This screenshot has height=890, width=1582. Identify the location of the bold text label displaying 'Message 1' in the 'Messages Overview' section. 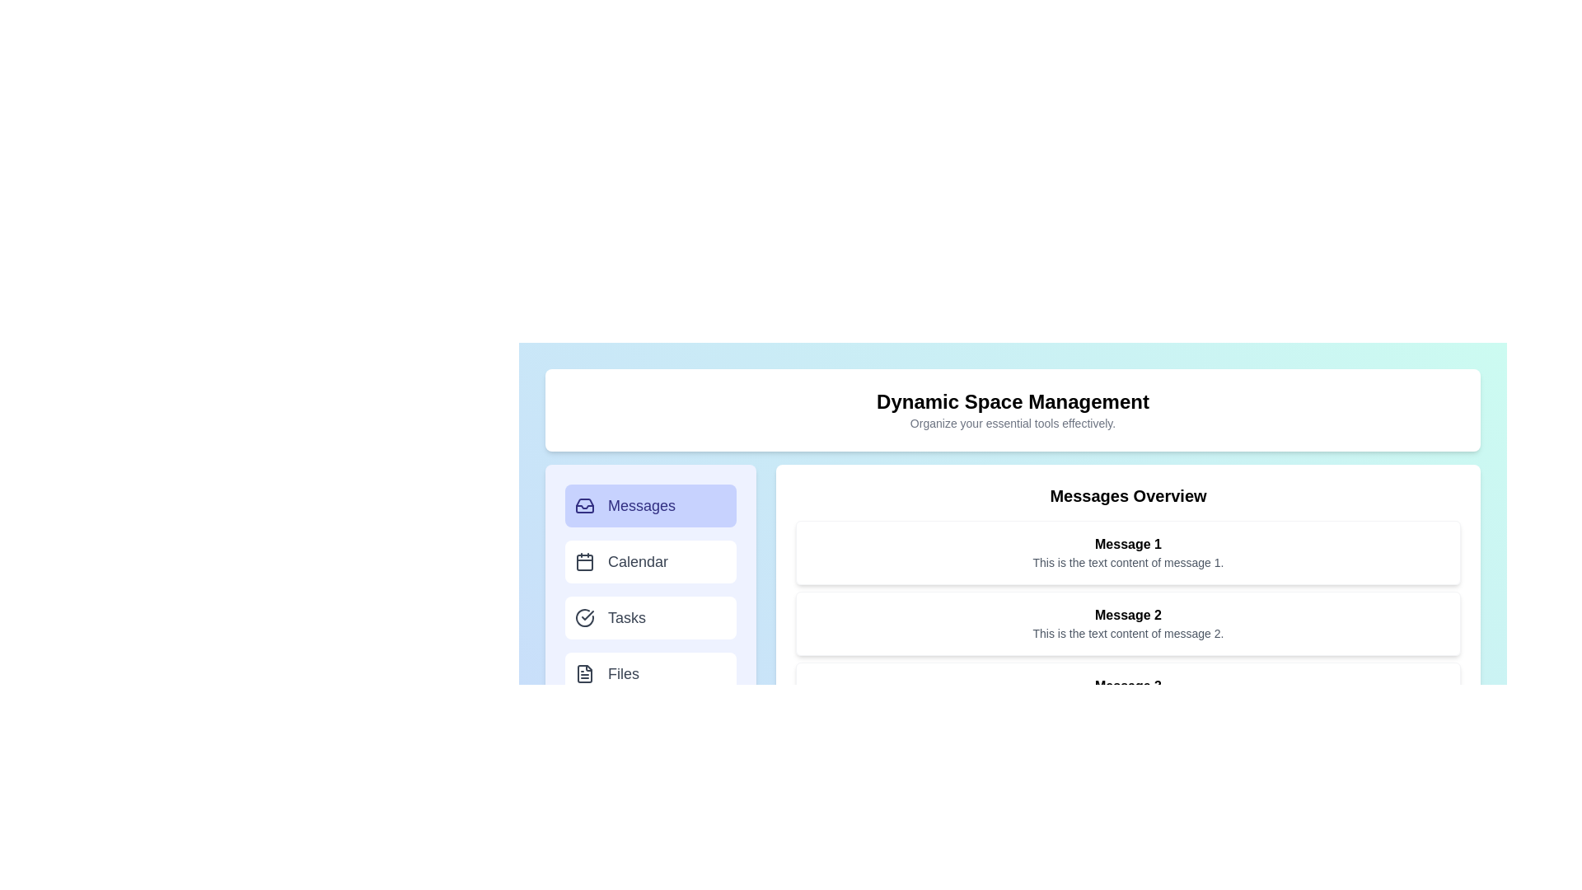
(1127, 544).